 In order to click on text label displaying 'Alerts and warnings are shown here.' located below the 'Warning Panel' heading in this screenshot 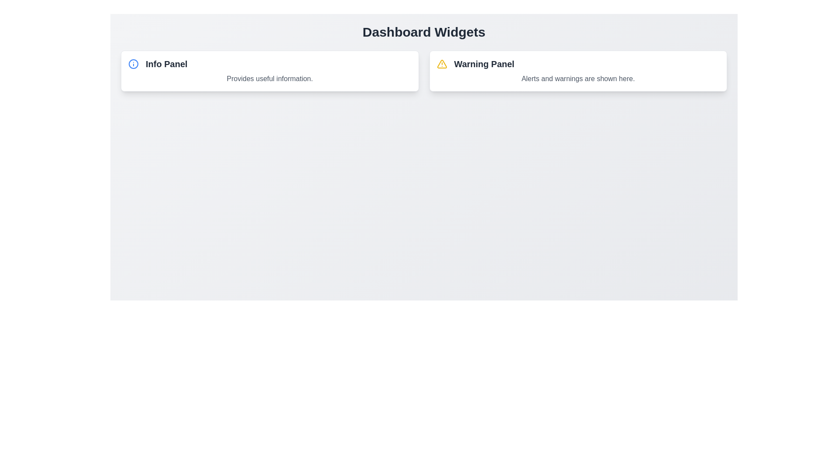, I will do `click(578, 79)`.